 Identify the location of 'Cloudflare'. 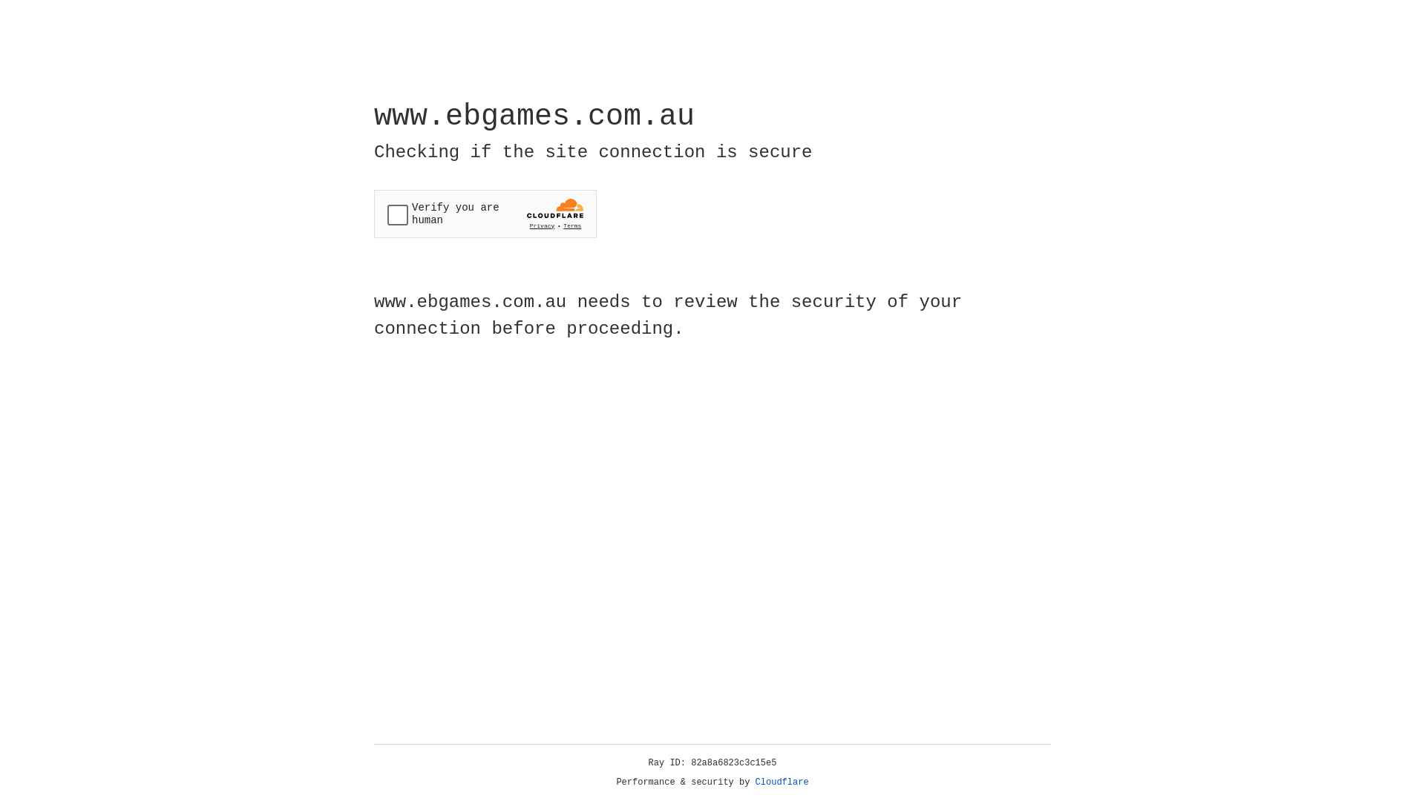
(782, 782).